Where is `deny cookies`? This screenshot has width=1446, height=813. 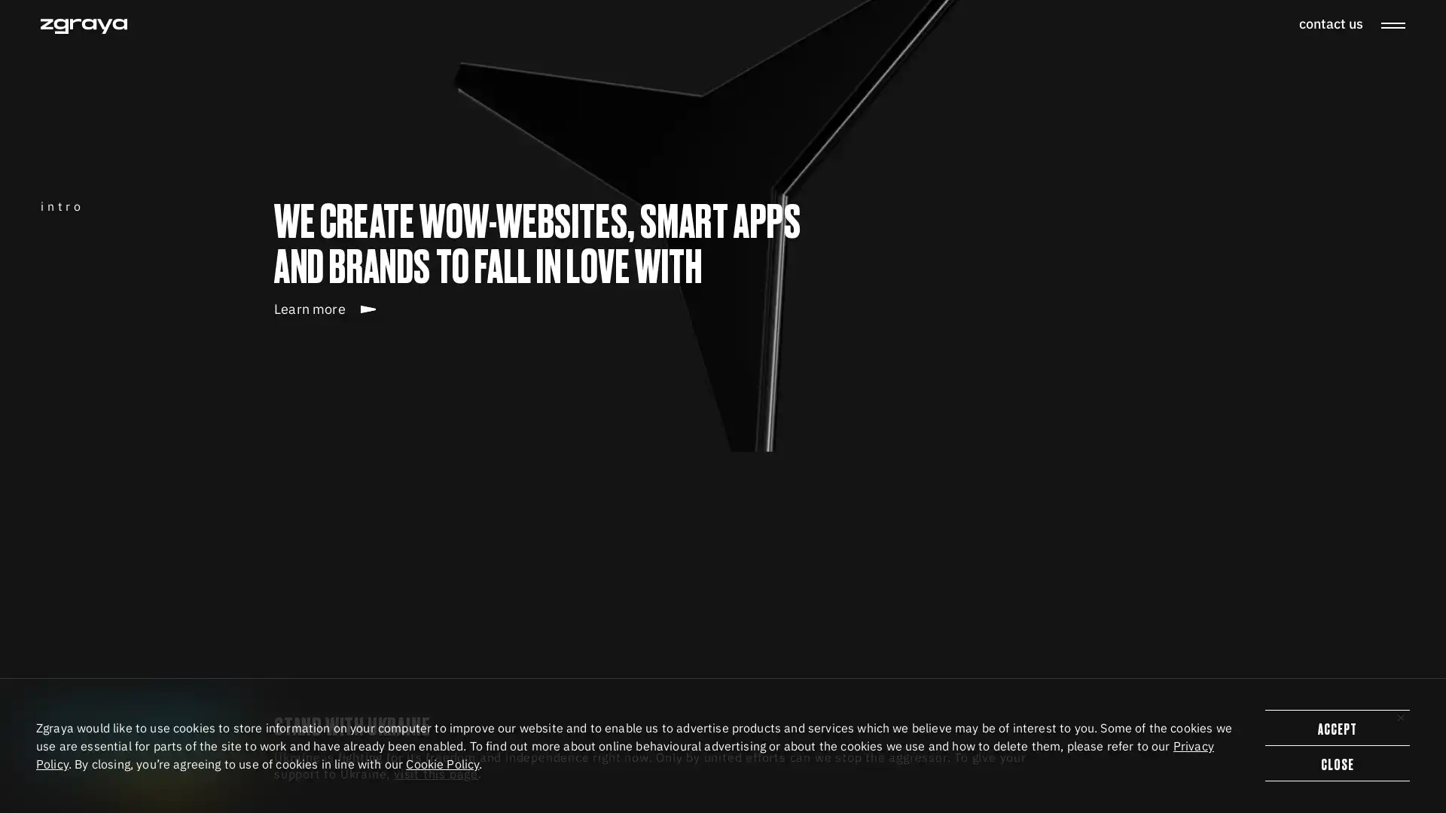
deny cookies is located at coordinates (1338, 763).